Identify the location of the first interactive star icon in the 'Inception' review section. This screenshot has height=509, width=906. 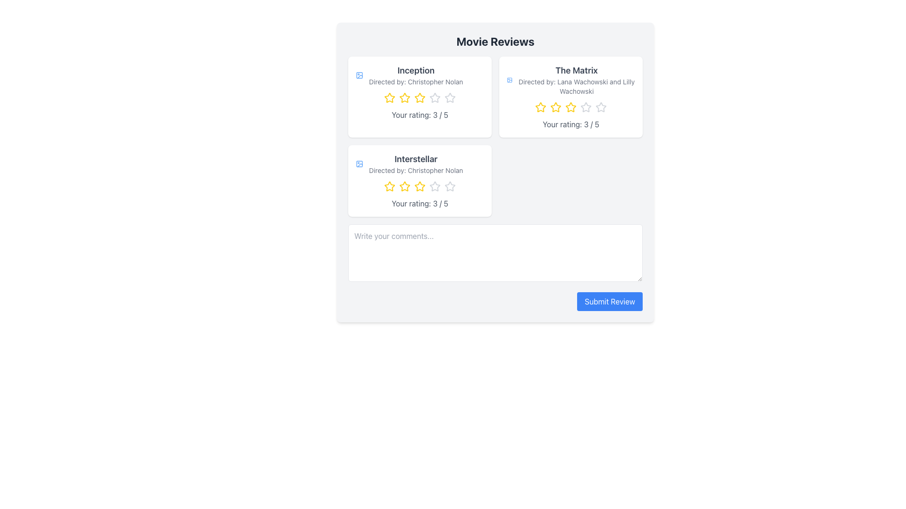
(389, 98).